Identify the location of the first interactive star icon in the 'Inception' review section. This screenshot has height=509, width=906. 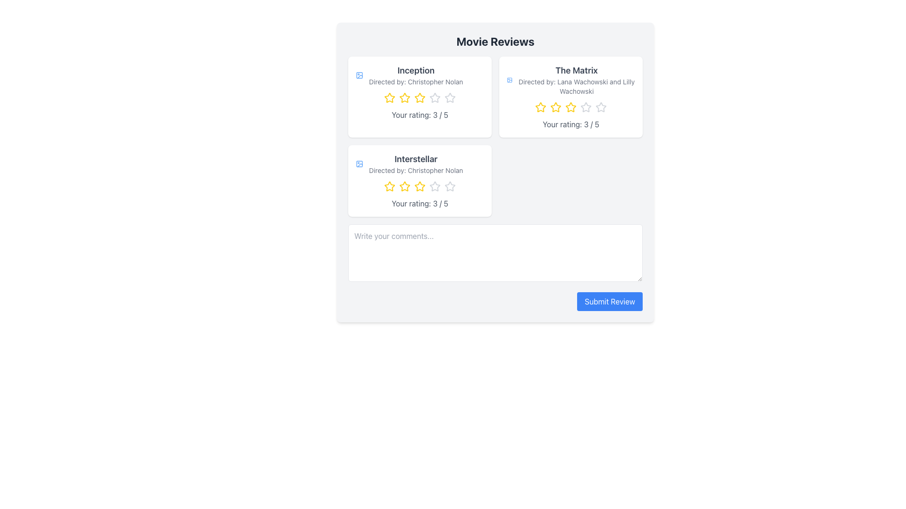
(389, 98).